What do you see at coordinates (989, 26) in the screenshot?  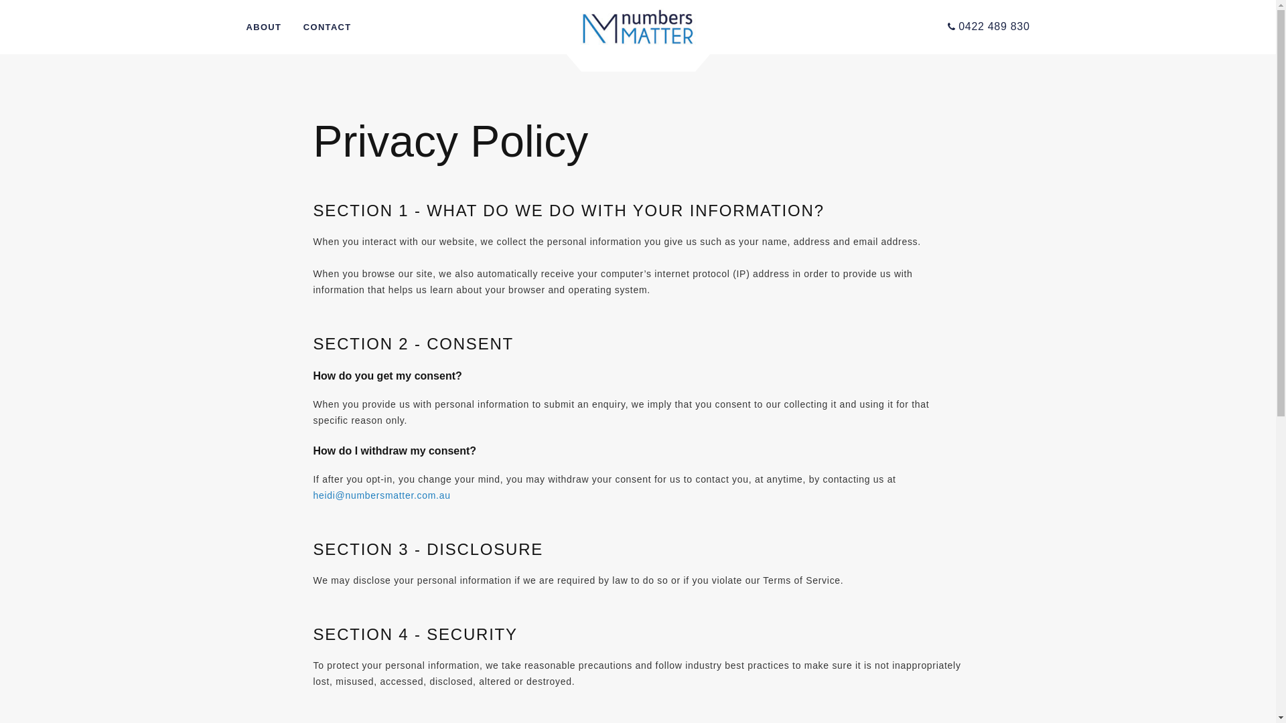 I see `'0422 489 830'` at bounding box center [989, 26].